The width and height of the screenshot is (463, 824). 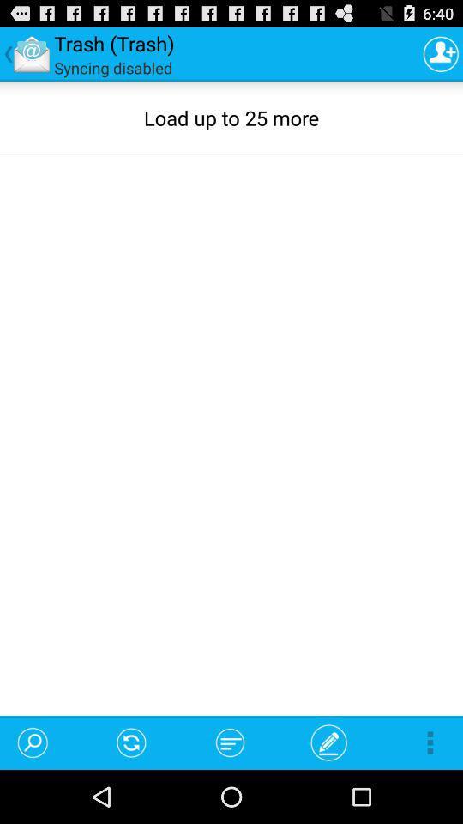 I want to click on item below the load up to app, so click(x=230, y=742).